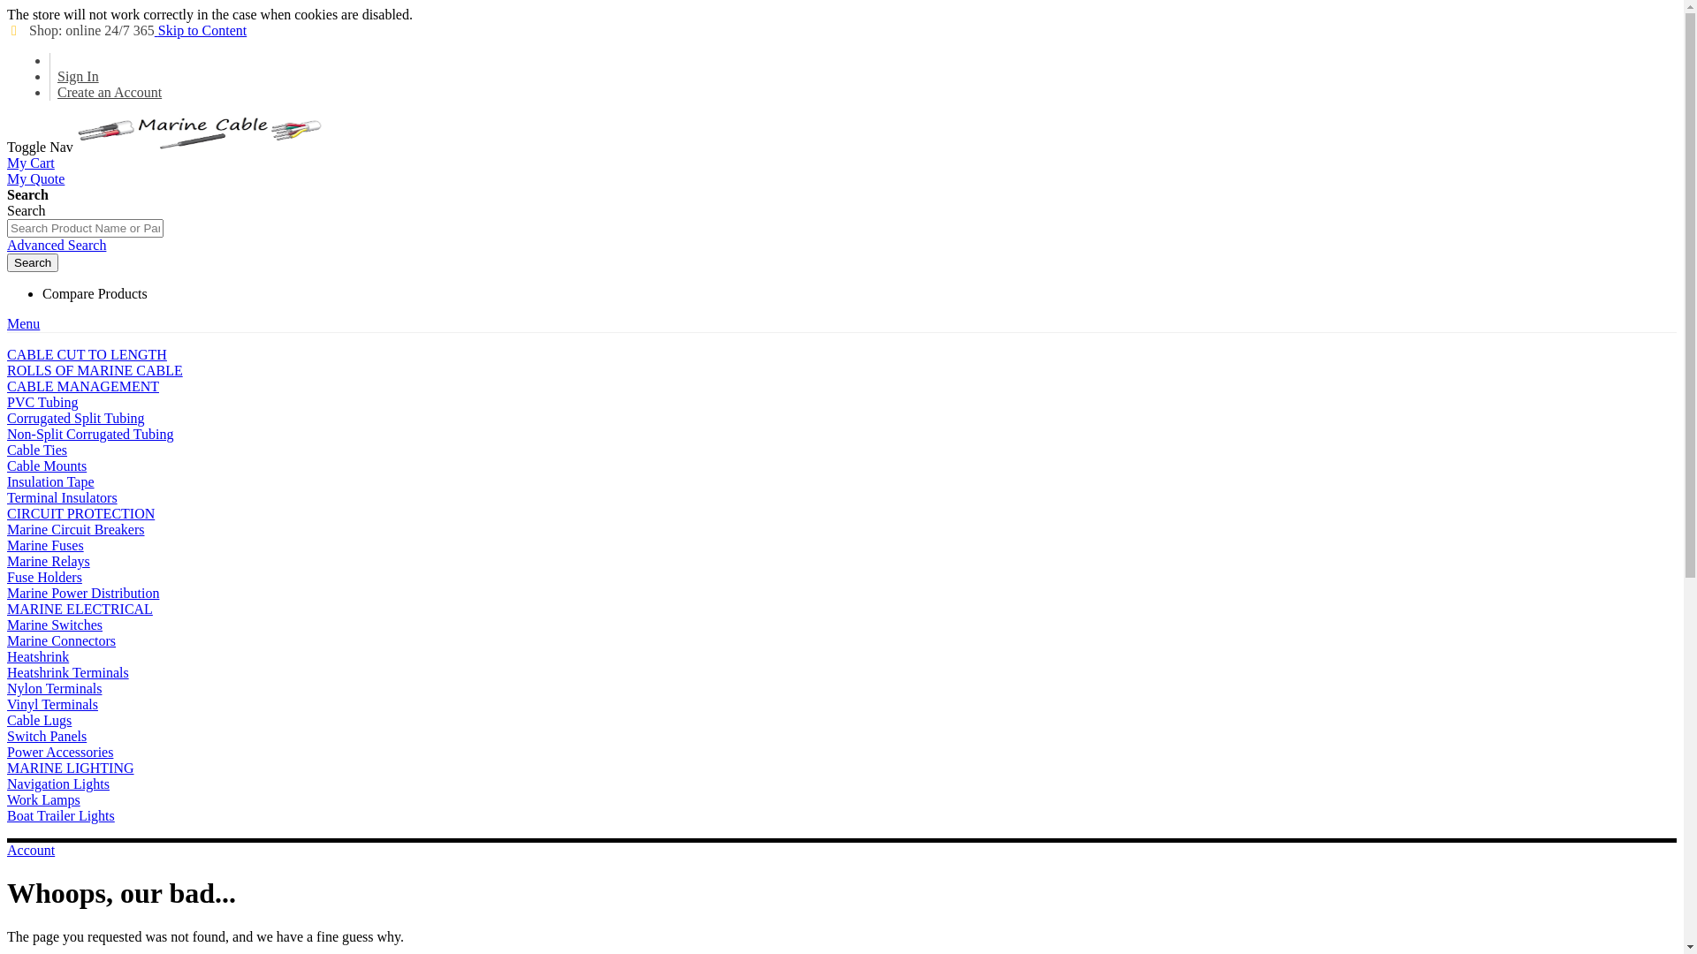 The width and height of the screenshot is (1697, 954). What do you see at coordinates (7, 593) in the screenshot?
I see `'Marine Power Distribution'` at bounding box center [7, 593].